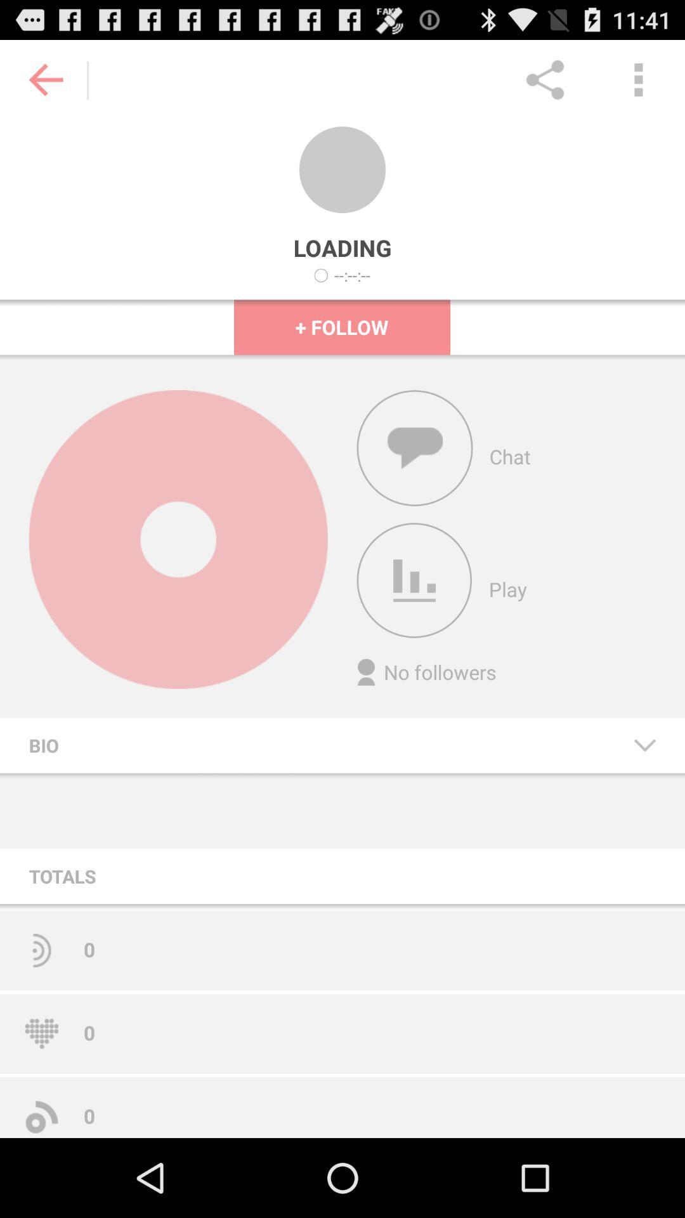 This screenshot has width=685, height=1218. Describe the element at coordinates (415, 448) in the screenshot. I see `chat or comment` at that location.